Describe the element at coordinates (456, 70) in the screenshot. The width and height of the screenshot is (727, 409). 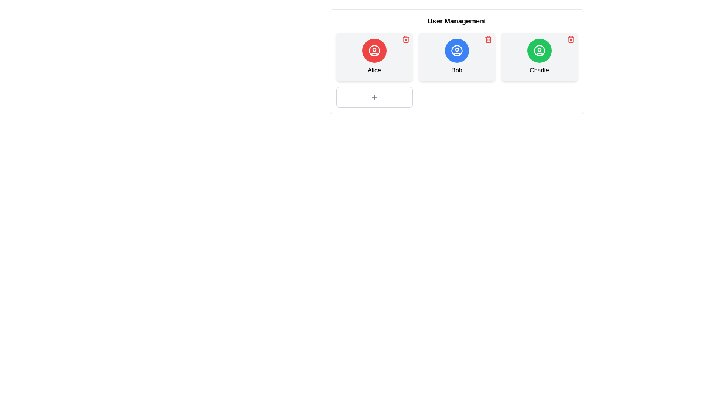
I see `the 'Bob' label text which is styled in black font and positioned beneath a circular user icon in the central card of the user management section` at that location.